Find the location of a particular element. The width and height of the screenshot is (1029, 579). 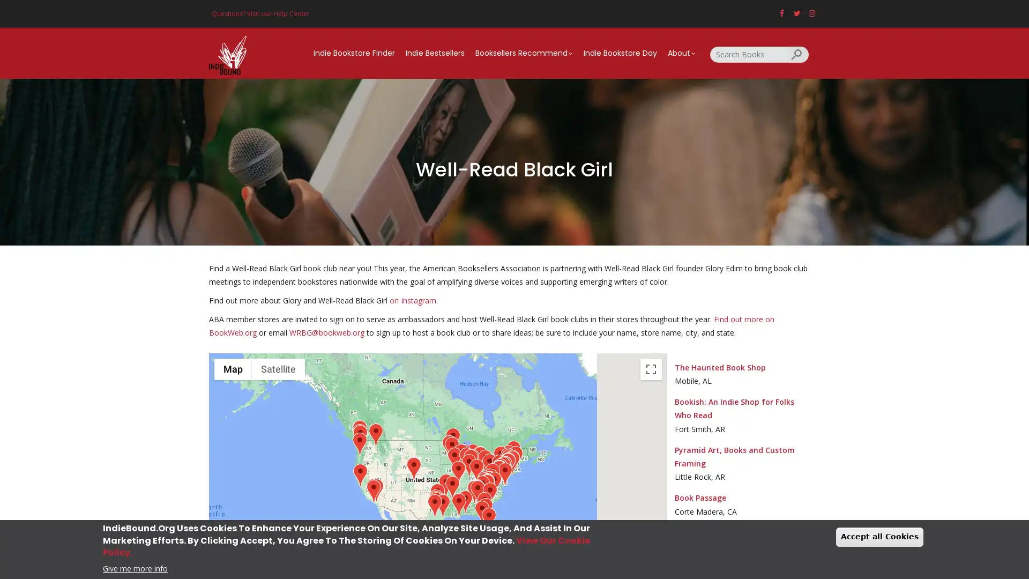

WORD is located at coordinates (507, 463).